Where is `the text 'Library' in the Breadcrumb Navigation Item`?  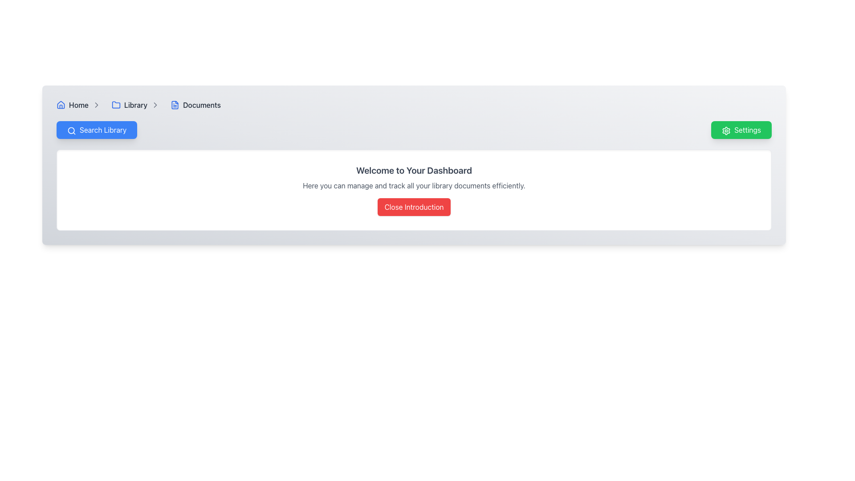 the text 'Library' in the Breadcrumb Navigation Item is located at coordinates (137, 104).